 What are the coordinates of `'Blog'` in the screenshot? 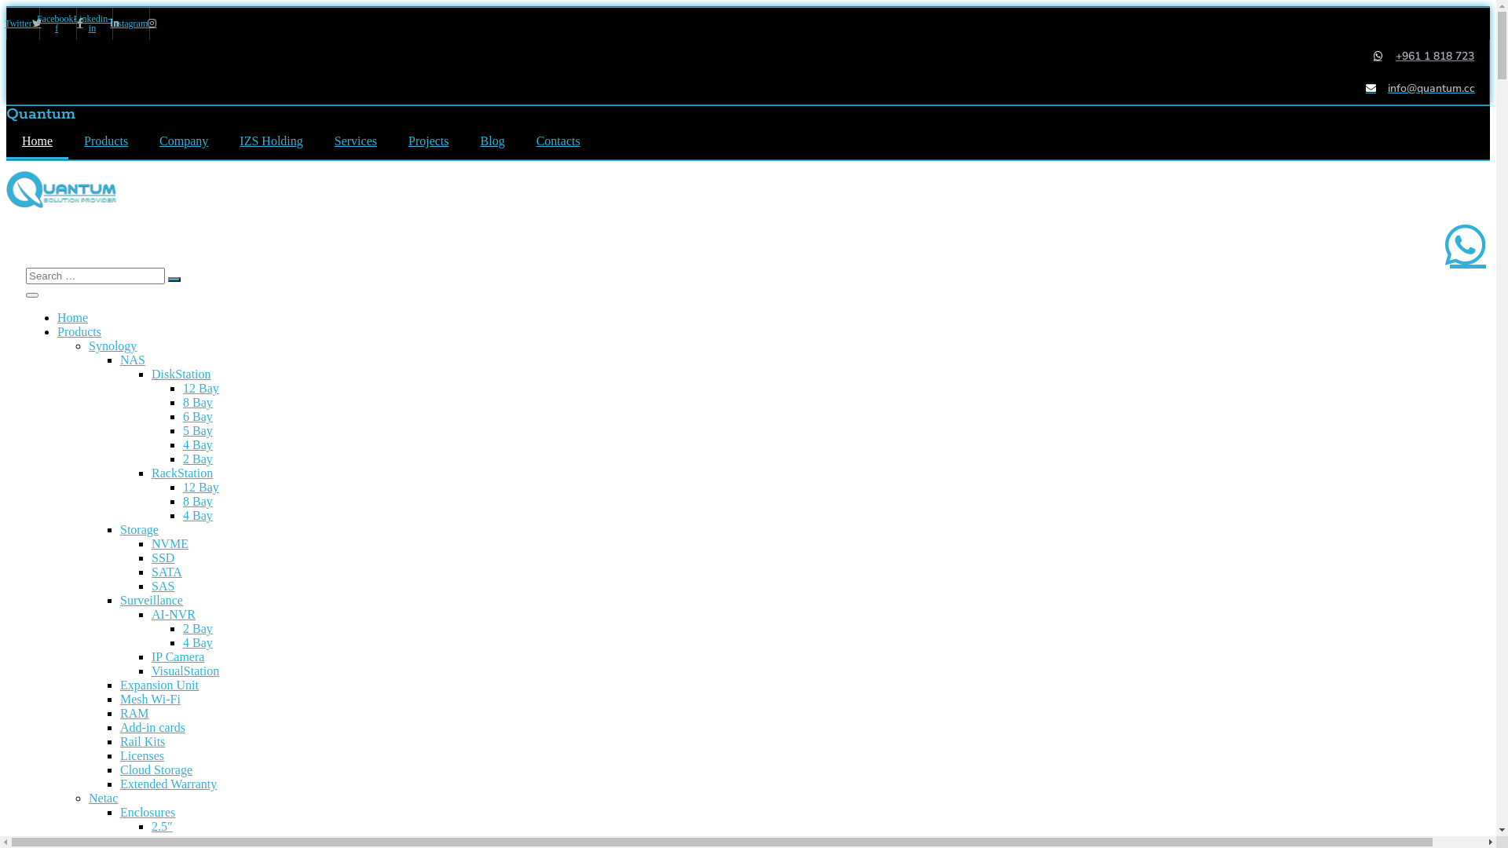 It's located at (463, 141).